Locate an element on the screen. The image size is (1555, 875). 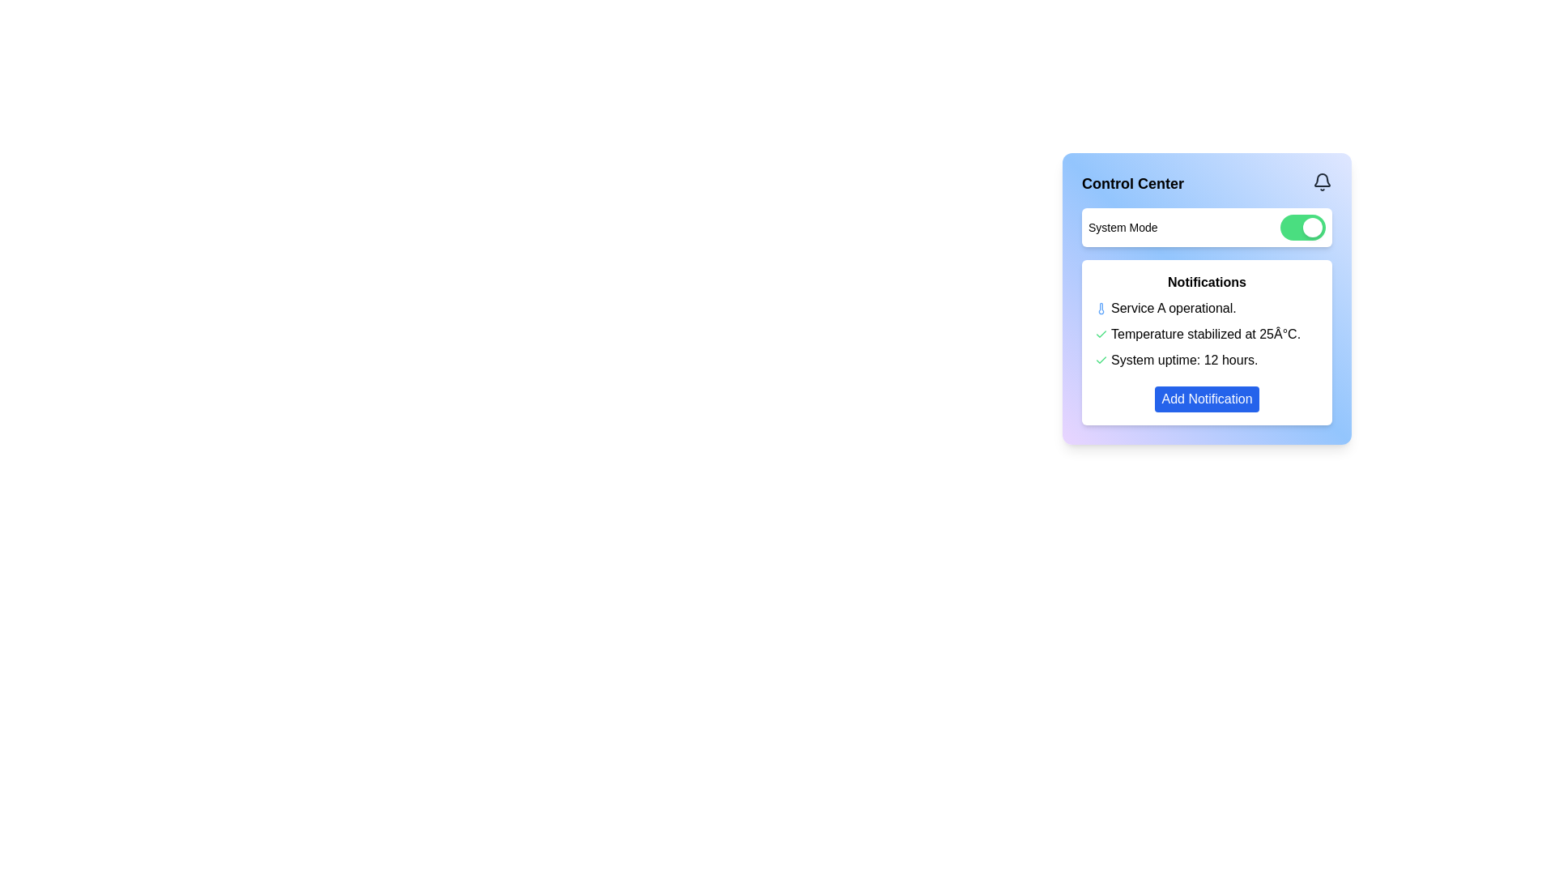
the text label notification stating 'System uptime: 12 hours.' is located at coordinates (1207, 359).